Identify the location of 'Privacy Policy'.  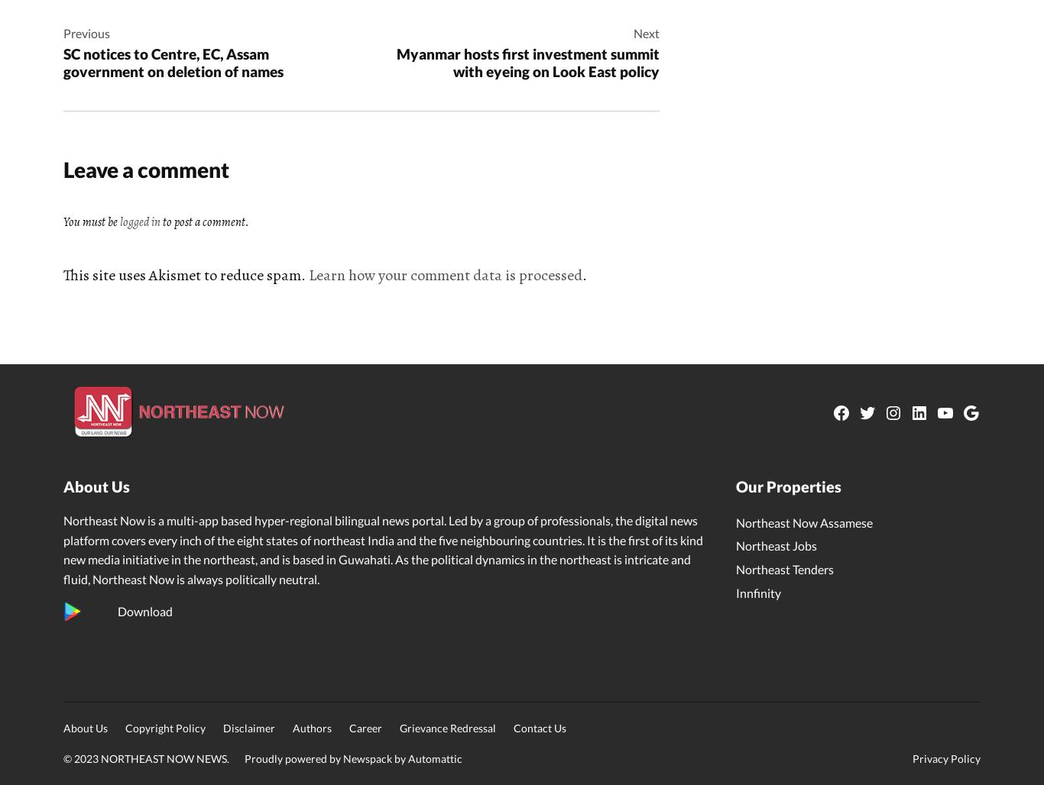
(946, 757).